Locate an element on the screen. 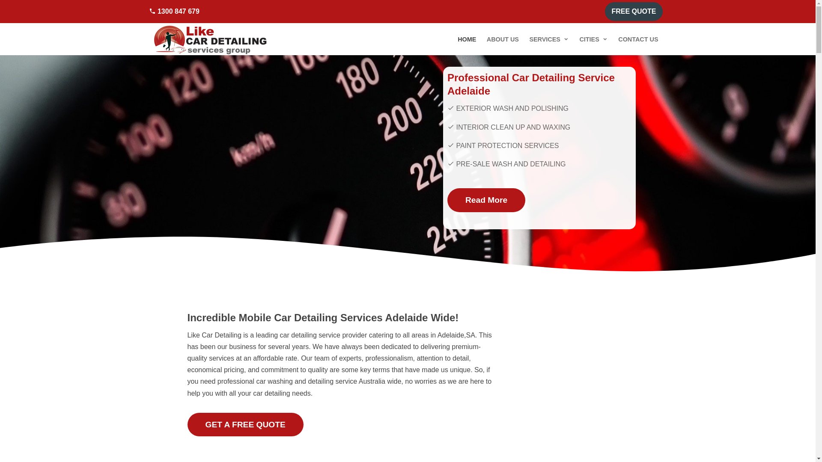 Image resolution: width=822 pixels, height=462 pixels. 'CITIES' is located at coordinates (593, 39).